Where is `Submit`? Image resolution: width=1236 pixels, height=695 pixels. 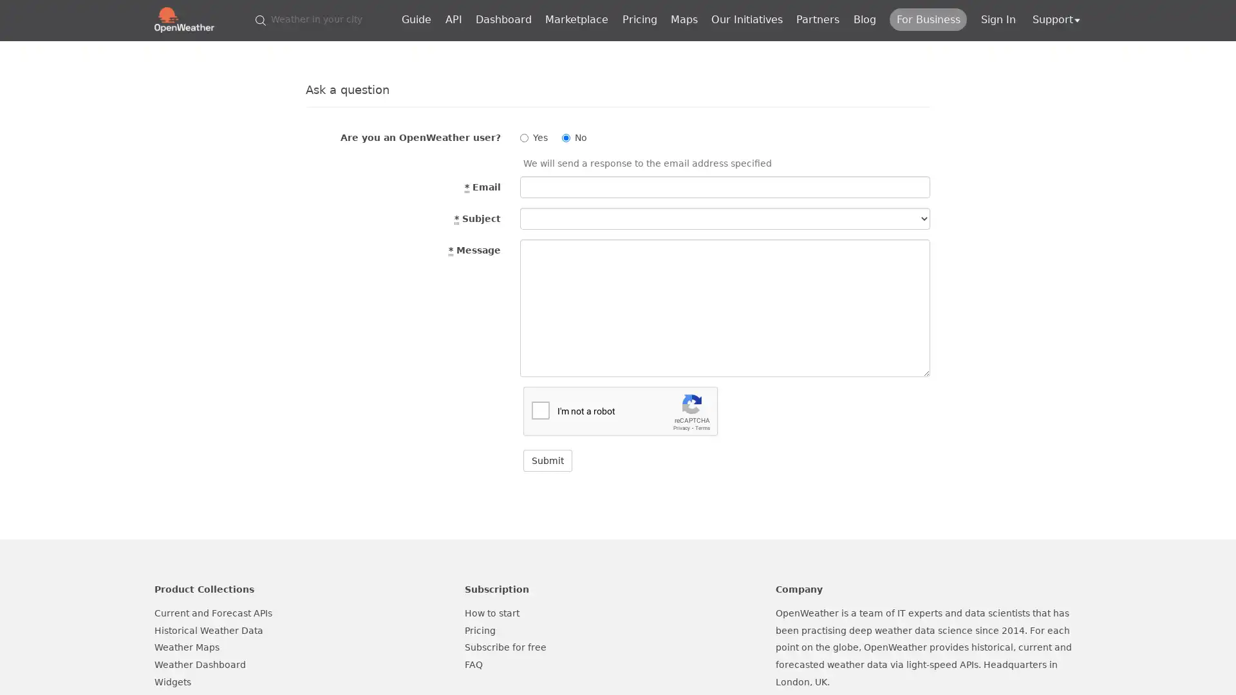
Submit is located at coordinates (547, 460).